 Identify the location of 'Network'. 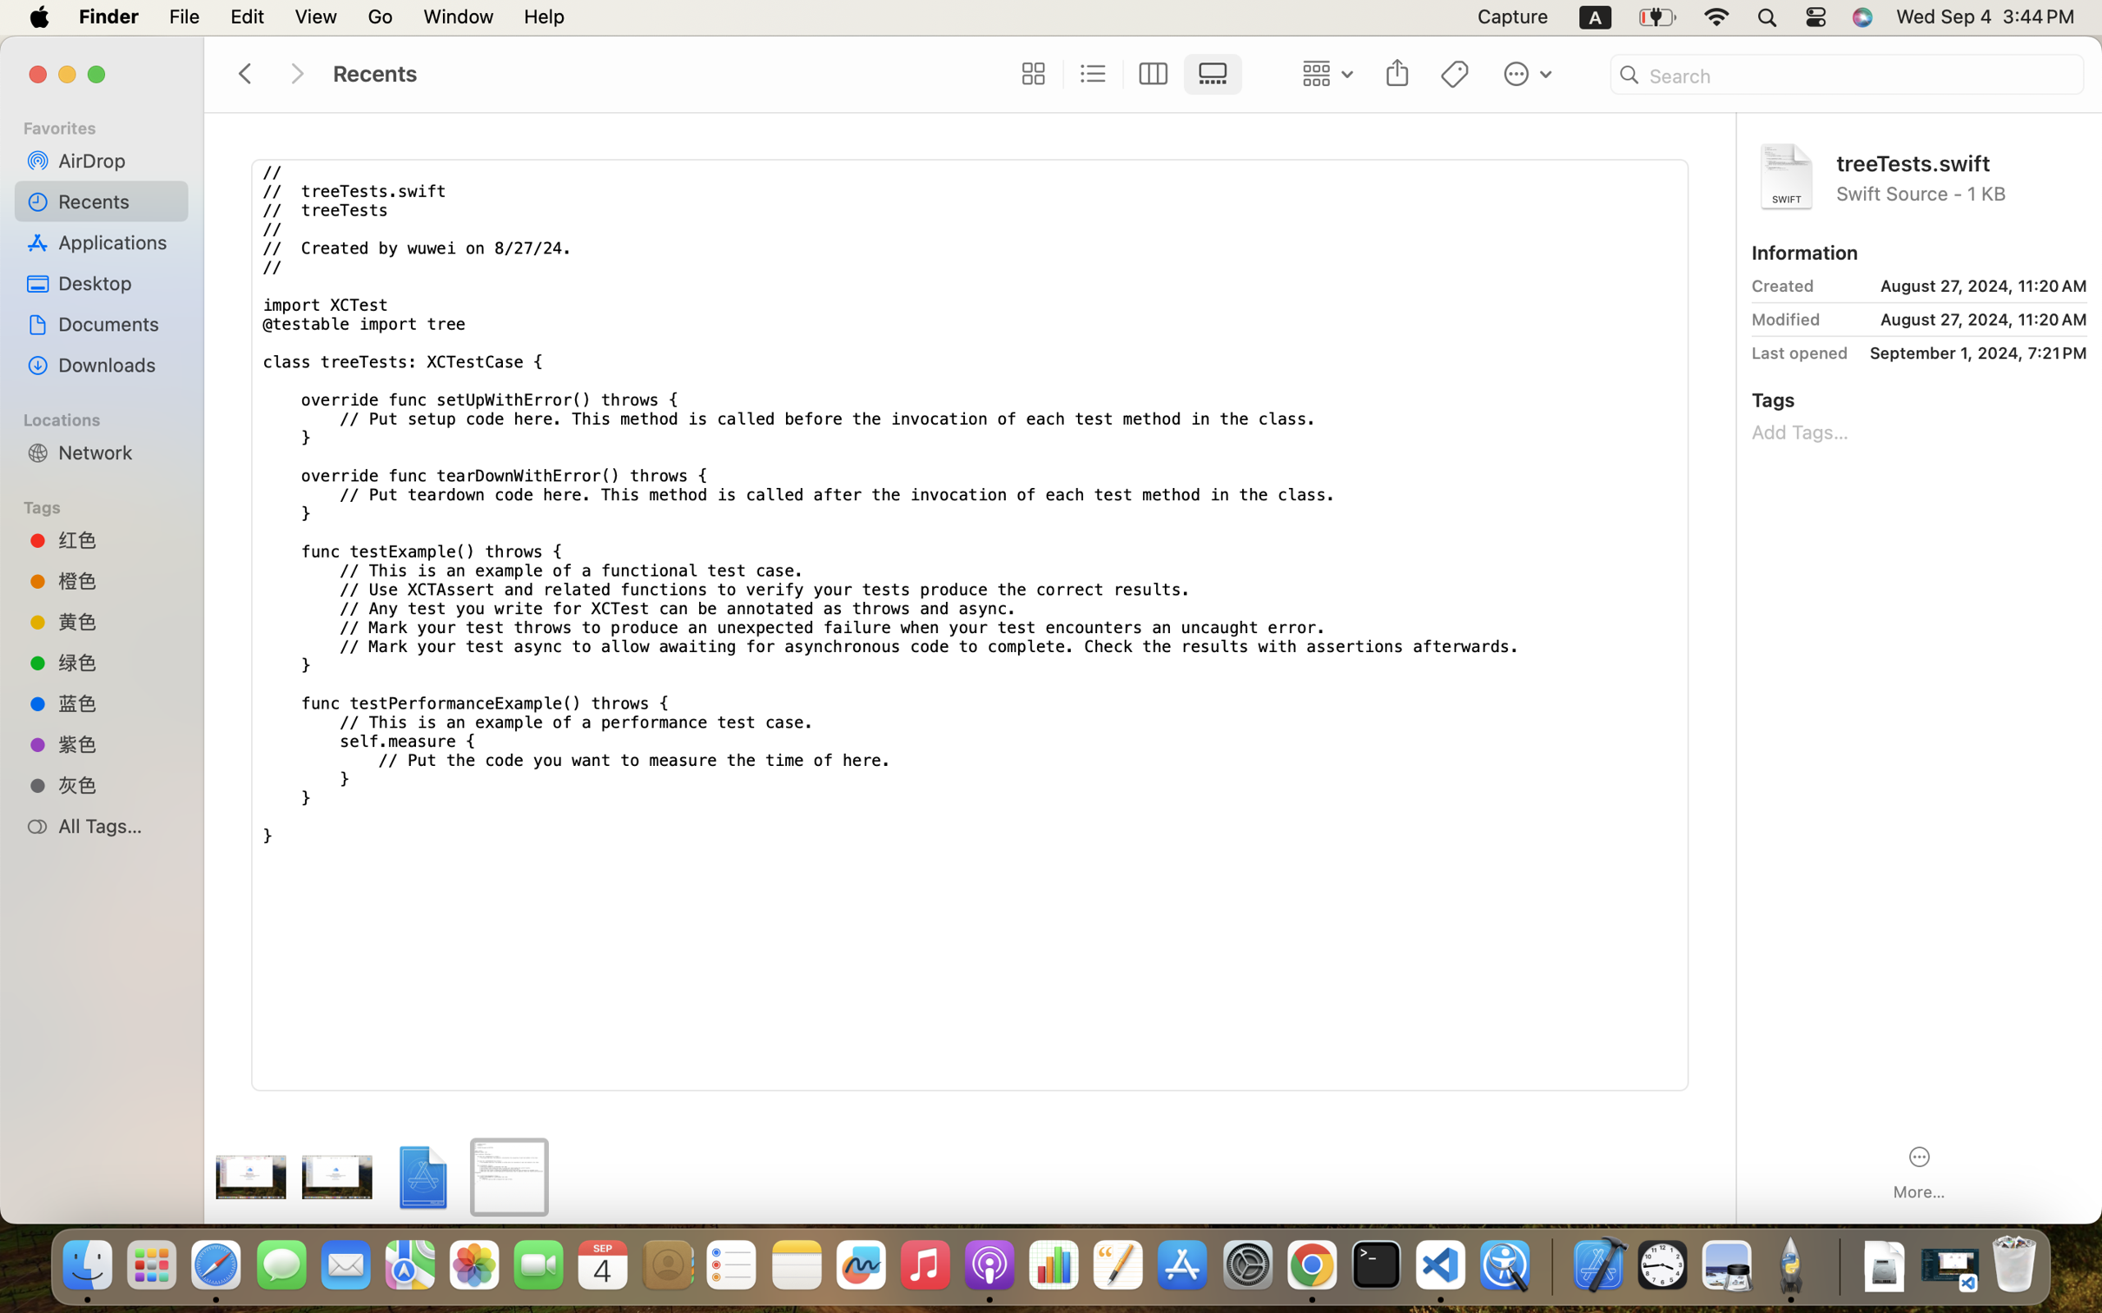
(116, 451).